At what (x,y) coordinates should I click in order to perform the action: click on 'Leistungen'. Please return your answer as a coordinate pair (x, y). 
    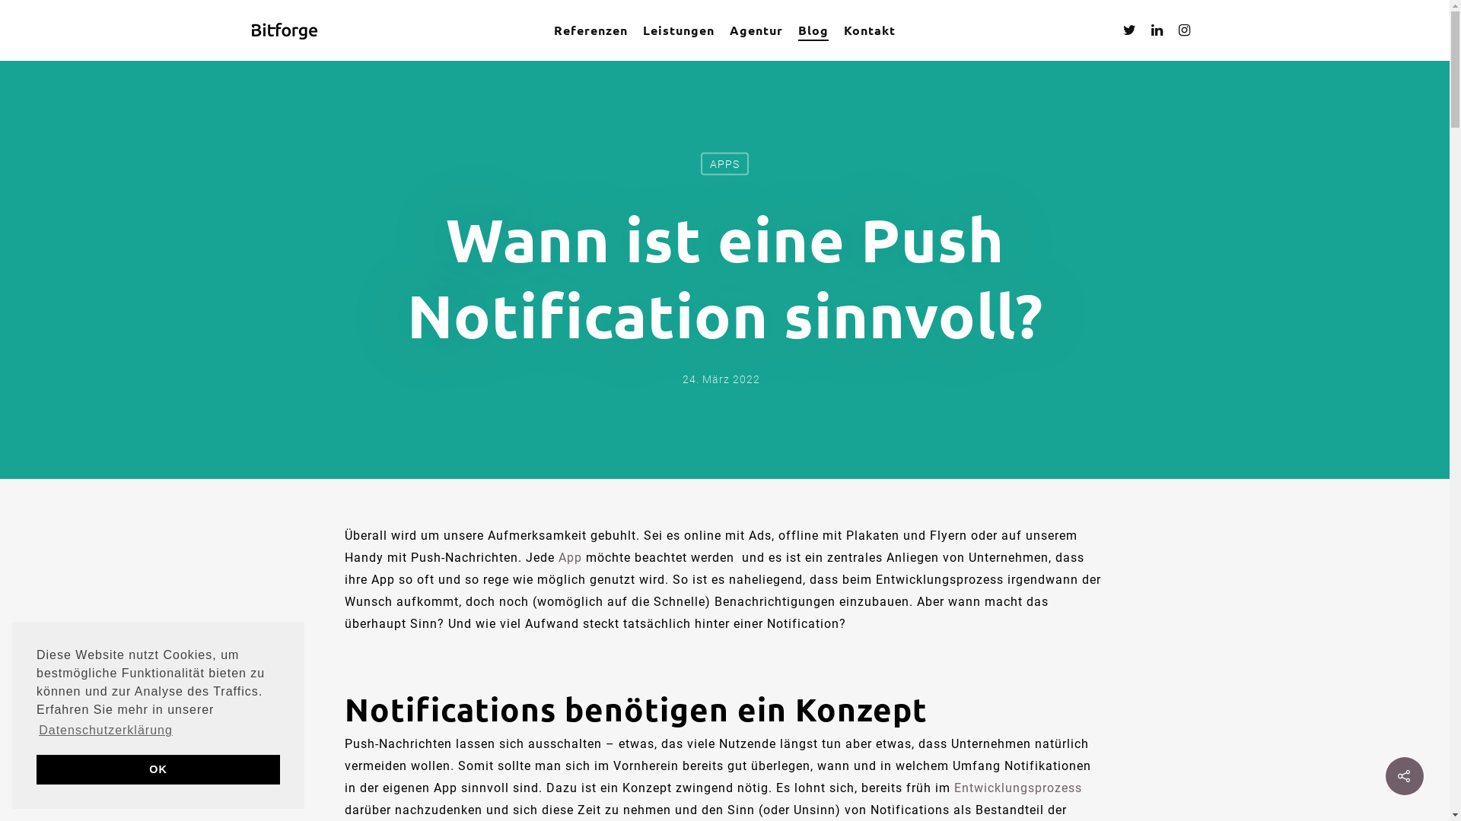
    Looking at the image, I should click on (642, 30).